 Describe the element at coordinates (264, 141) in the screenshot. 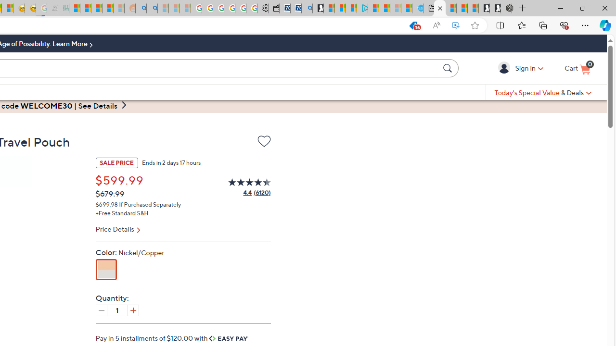

I see `'Add to Wish List'` at that location.